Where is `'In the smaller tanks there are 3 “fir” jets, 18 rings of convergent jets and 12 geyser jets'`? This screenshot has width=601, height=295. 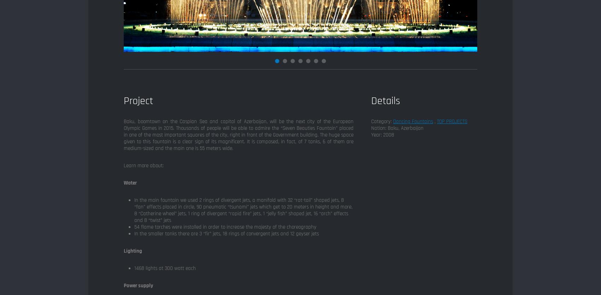
'In the smaller tanks there are 3 “fir” jets, 18 rings of convergent jets and 12 geyser jets' is located at coordinates (227, 234).